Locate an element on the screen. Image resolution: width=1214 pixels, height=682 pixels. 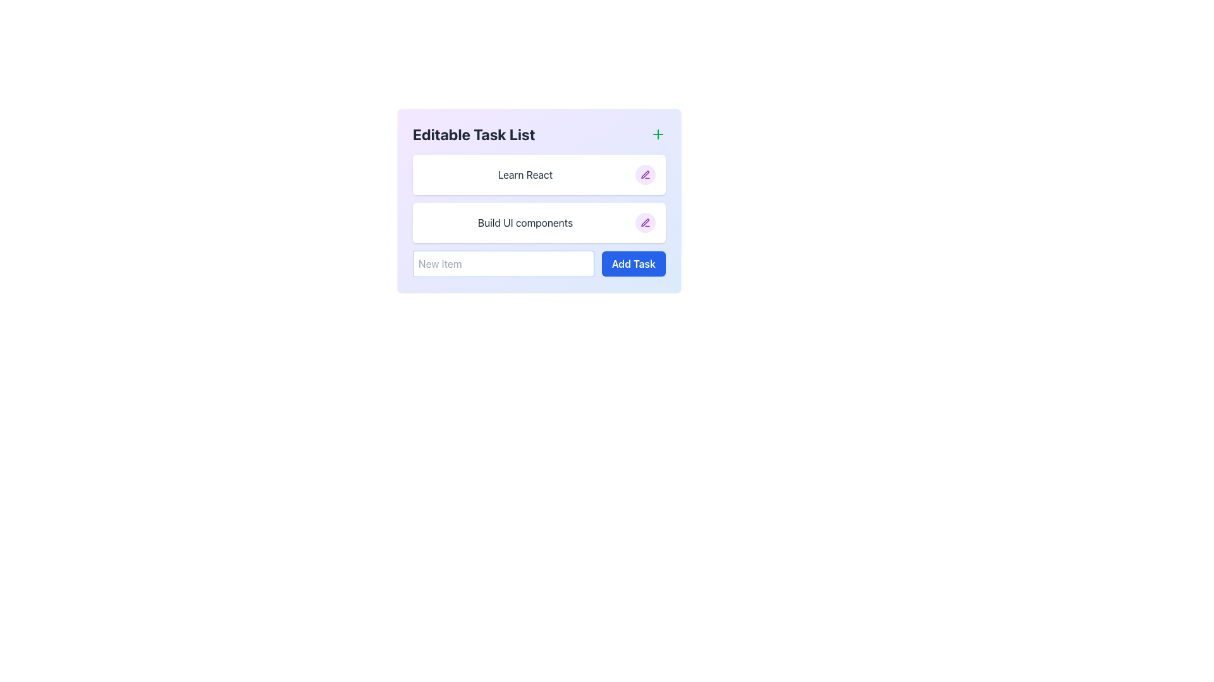
the distinct green plus icon located at the top-right corner of the 'Editable Task List' header is located at coordinates (658, 134).